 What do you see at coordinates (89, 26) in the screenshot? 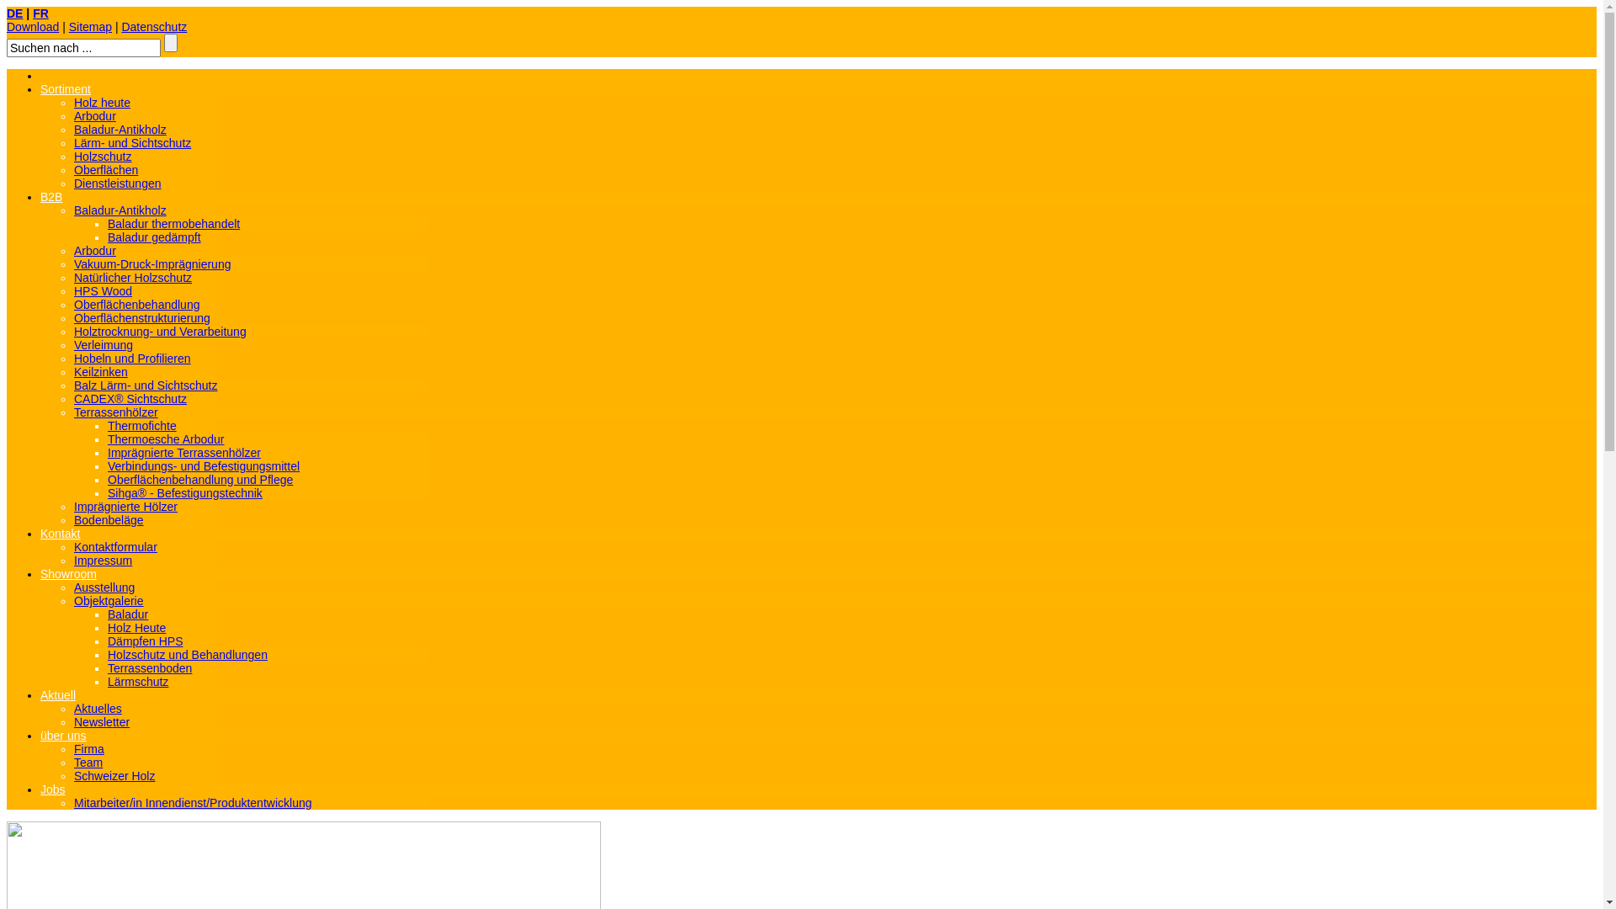
I see `'Sitemap'` at bounding box center [89, 26].